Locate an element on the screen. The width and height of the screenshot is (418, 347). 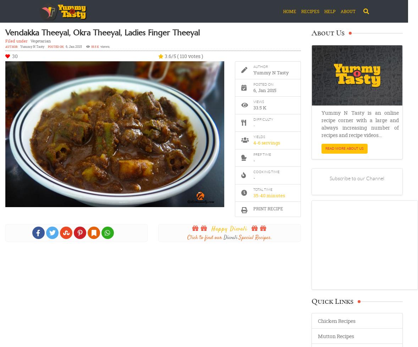
'Vegetarian' is located at coordinates (40, 41).